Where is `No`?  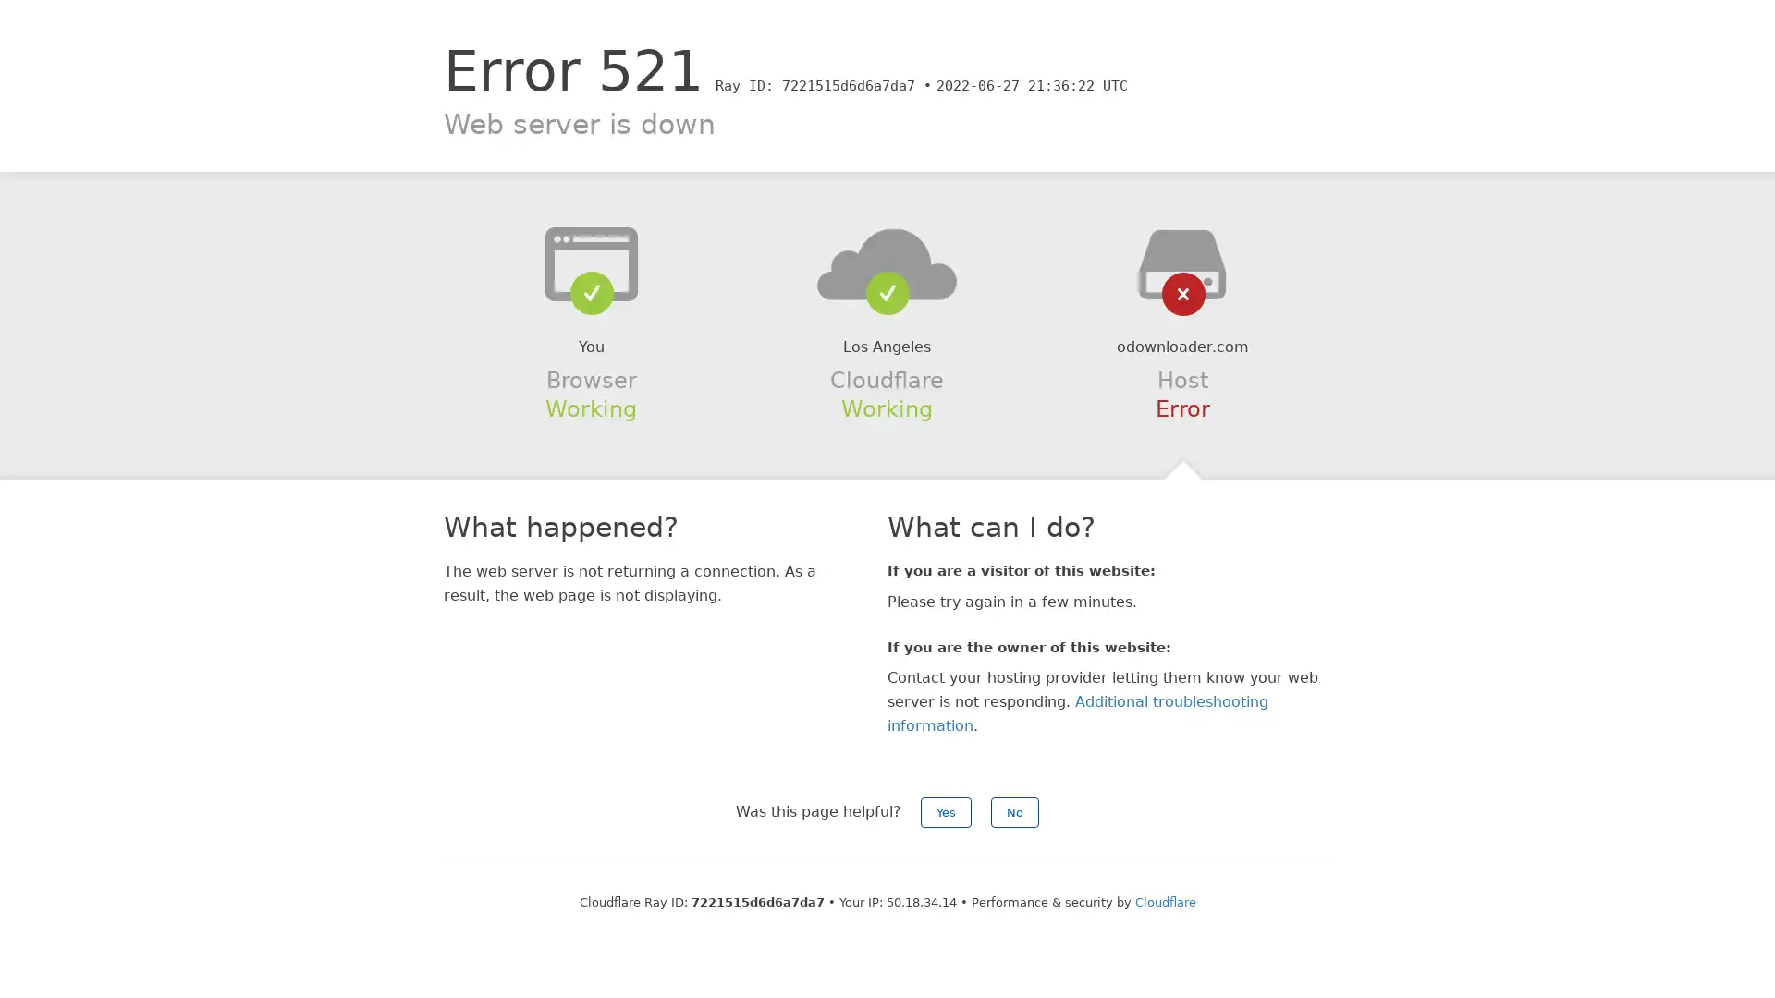 No is located at coordinates (1014, 811).